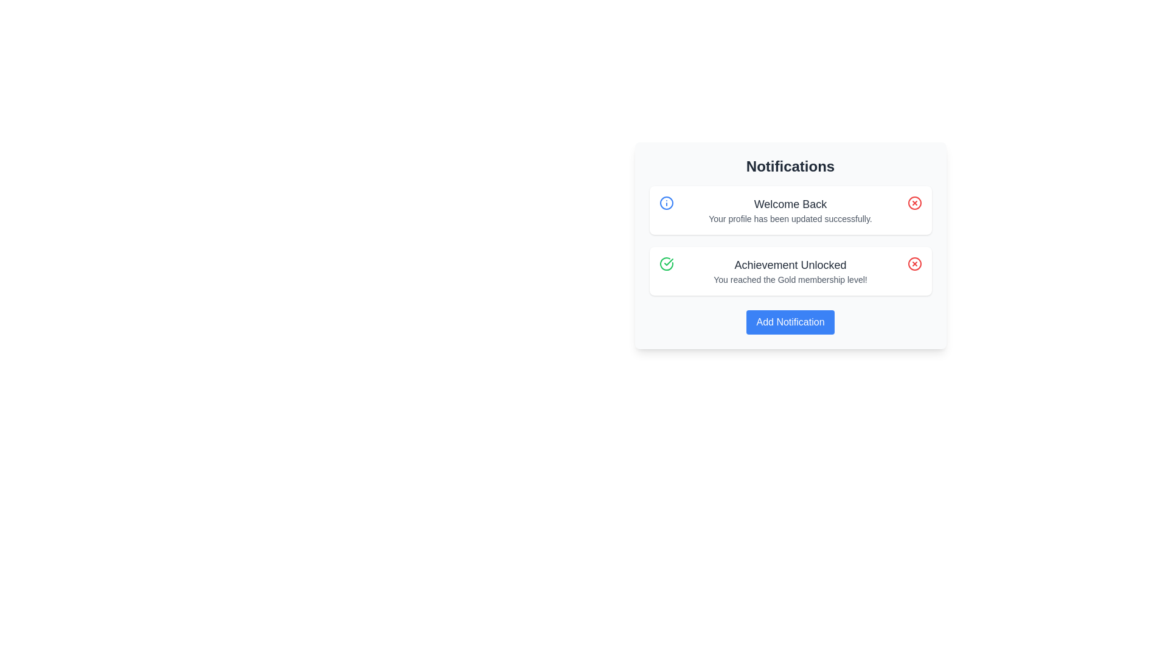 The height and width of the screenshot is (657, 1168). I want to click on the Gold membership achievement indicator icon located in the notification card for 'Achievement Unlocked', positioned to the left of the text stating 'Achievement Unlocked' and 'You reached the Gold membership level!', so click(666, 263).